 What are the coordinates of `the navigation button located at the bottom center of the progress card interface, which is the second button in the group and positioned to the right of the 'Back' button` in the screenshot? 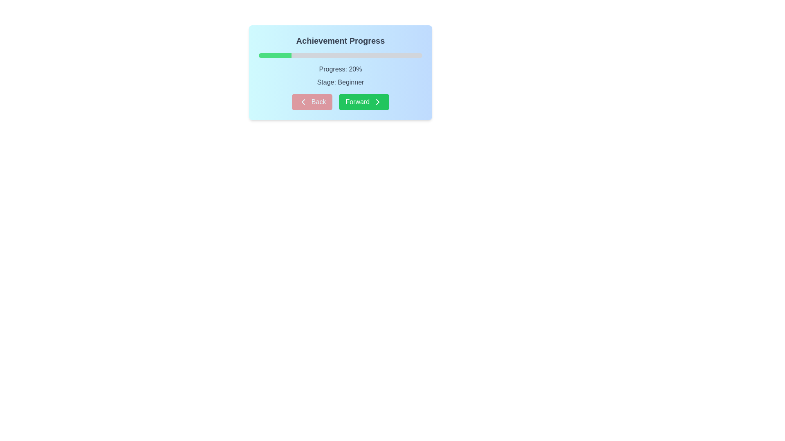 It's located at (363, 102).